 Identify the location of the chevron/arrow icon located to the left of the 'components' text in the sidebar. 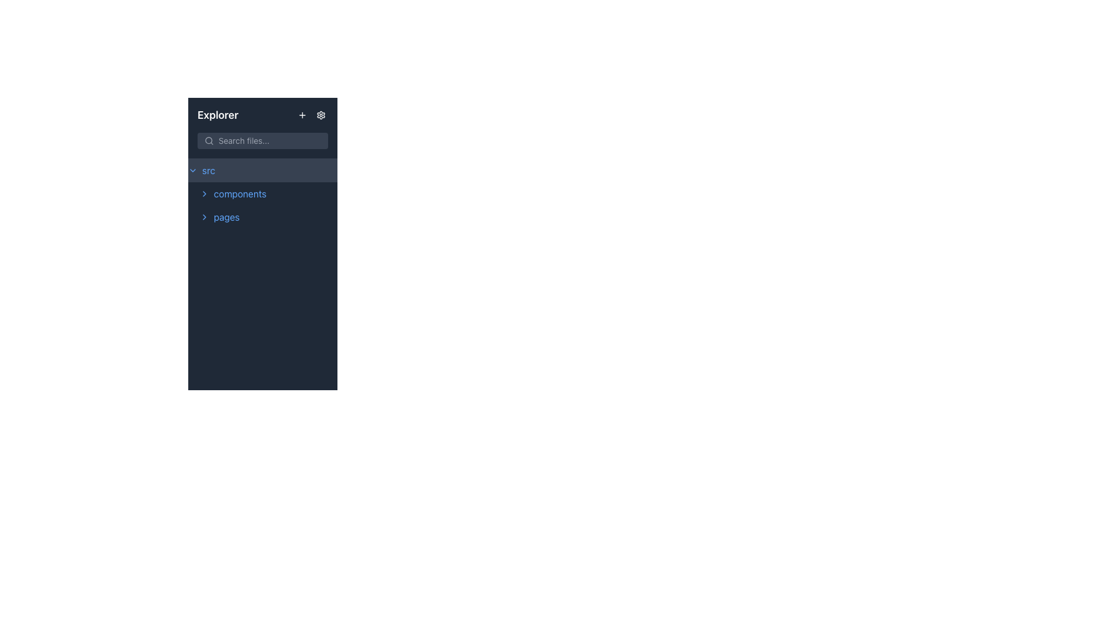
(204, 193).